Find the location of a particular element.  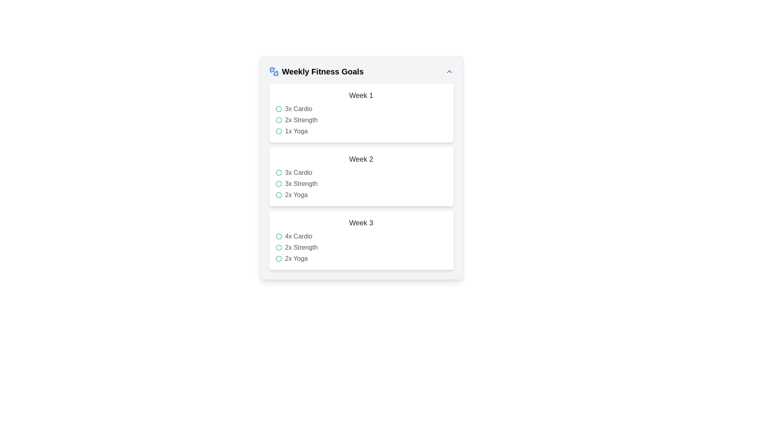

the text label displaying '1x Yoga' in gray color, which is the third item in the list of weekly goals under 'Week 1' is located at coordinates (296, 131).